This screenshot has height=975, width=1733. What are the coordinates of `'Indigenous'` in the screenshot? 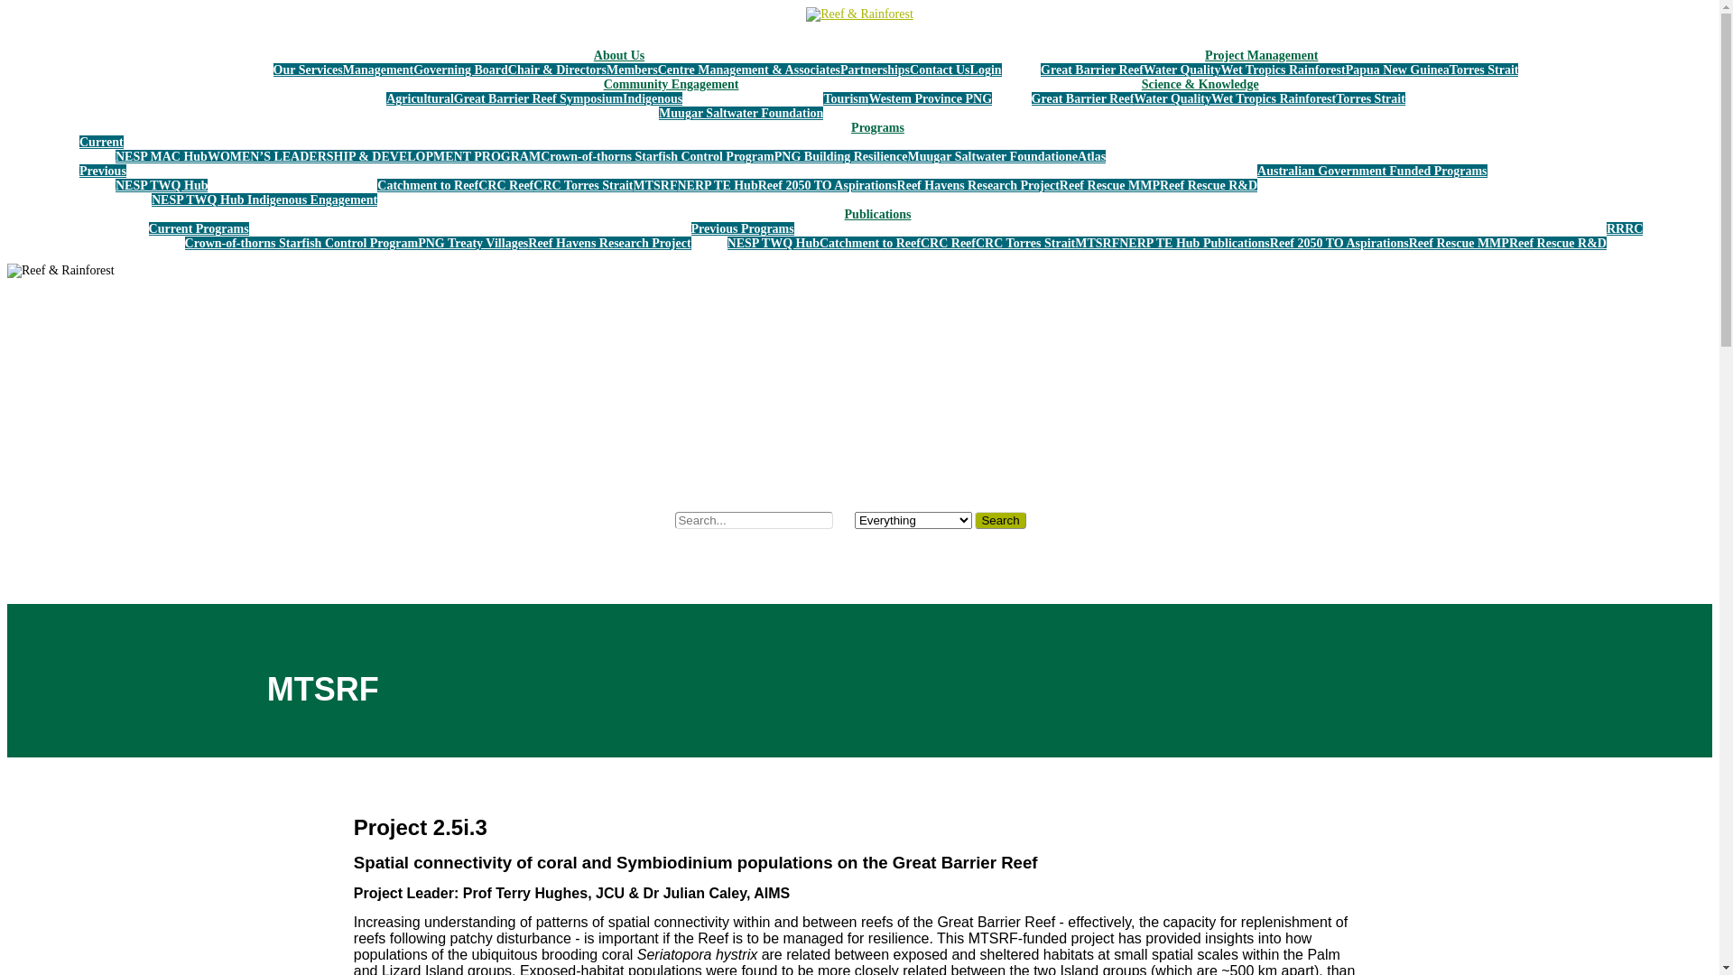 It's located at (652, 98).